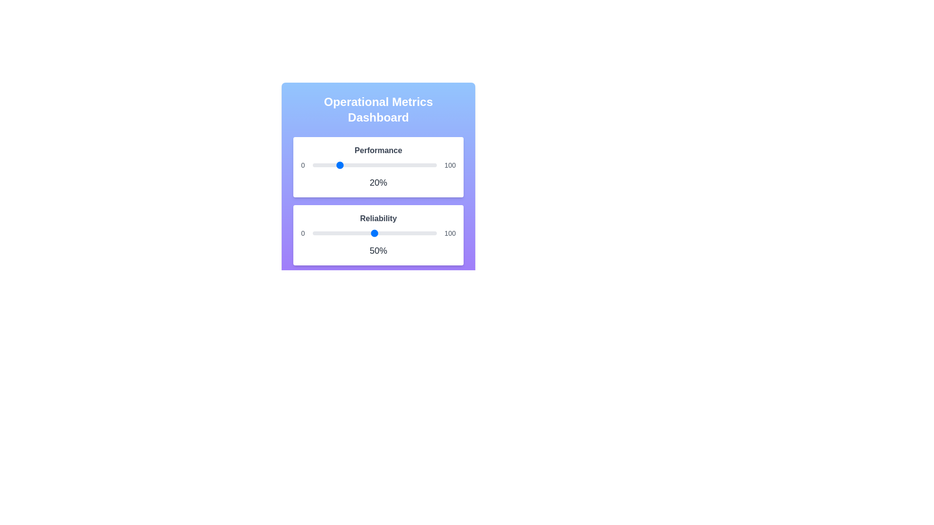 This screenshot has height=525, width=934. Describe the element at coordinates (374, 233) in the screenshot. I see `the knob of the horizontal slider marked at the midpoint under the label 'Reliability'` at that location.